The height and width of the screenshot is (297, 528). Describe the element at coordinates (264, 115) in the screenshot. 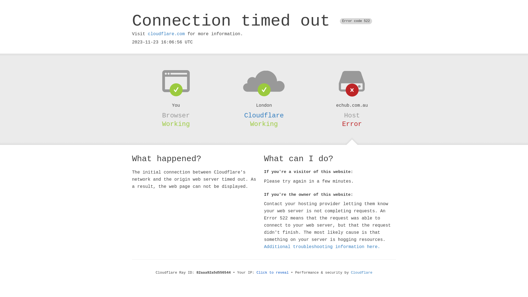

I see `'Cloudflare'` at that location.